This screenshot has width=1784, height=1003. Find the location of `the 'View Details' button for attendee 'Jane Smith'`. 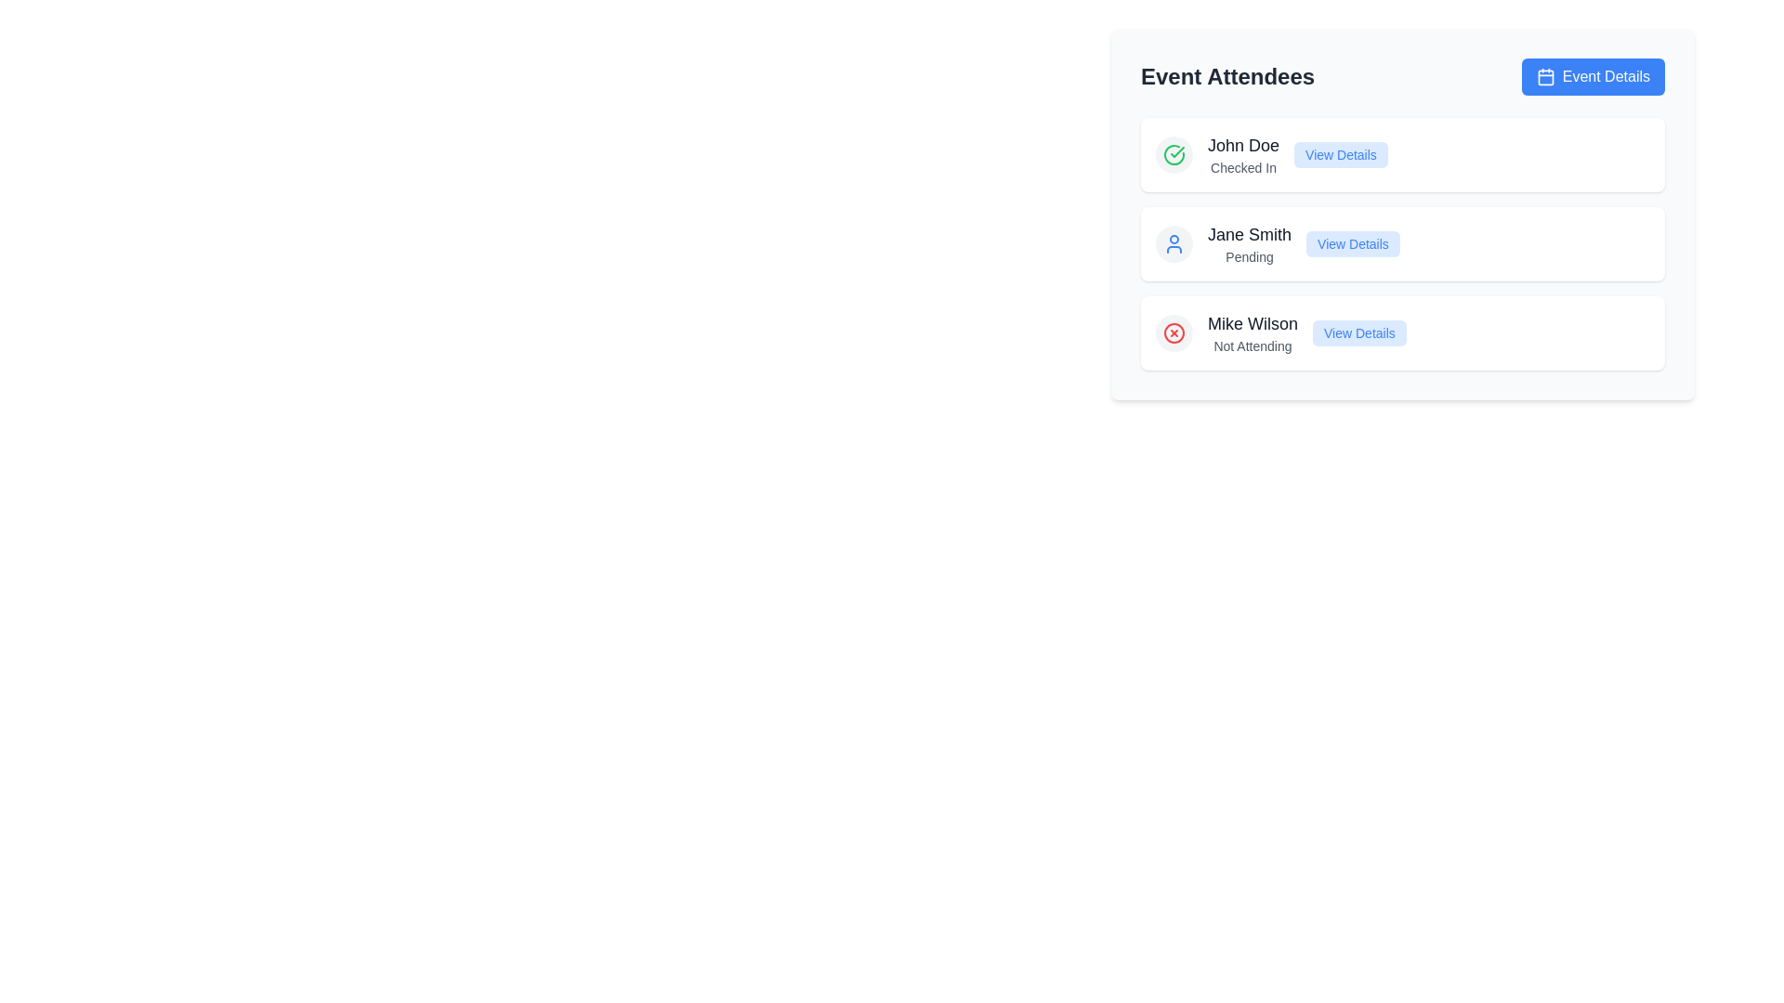

the 'View Details' button for attendee 'Jane Smith' is located at coordinates (1403, 218).